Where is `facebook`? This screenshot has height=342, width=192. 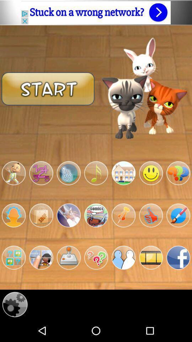 facebook is located at coordinates (178, 257).